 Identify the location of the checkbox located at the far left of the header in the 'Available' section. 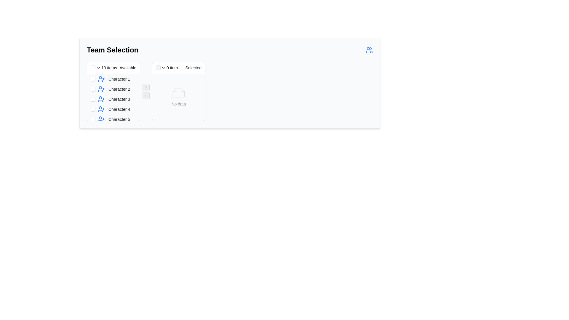
(92, 67).